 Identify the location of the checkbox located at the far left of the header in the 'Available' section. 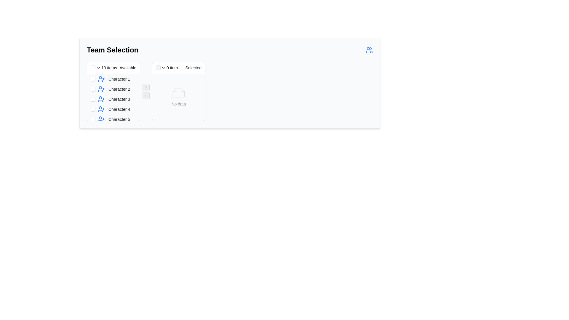
(92, 67).